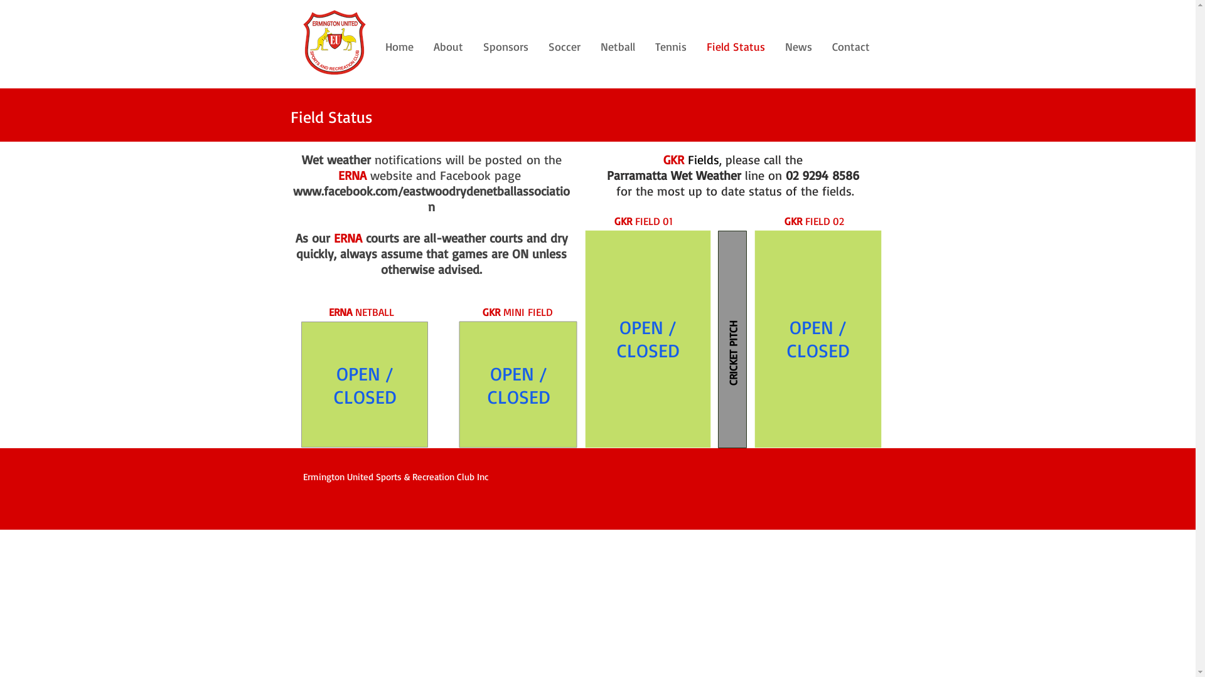 This screenshot has width=1205, height=677. I want to click on 'News', so click(775, 46).